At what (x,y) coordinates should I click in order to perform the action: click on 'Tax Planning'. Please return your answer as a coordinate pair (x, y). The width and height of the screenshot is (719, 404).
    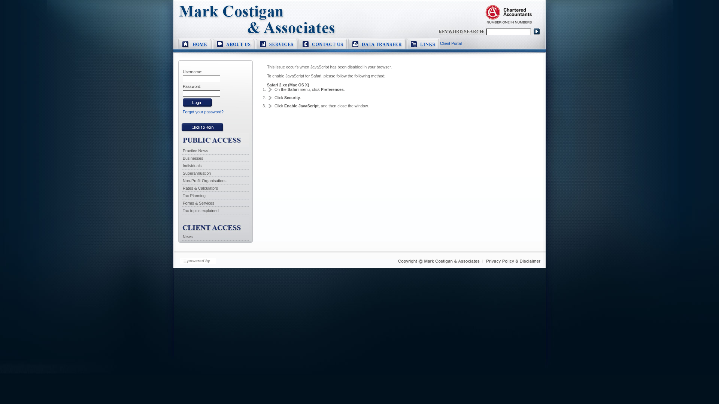
    Looking at the image, I should click on (183, 195).